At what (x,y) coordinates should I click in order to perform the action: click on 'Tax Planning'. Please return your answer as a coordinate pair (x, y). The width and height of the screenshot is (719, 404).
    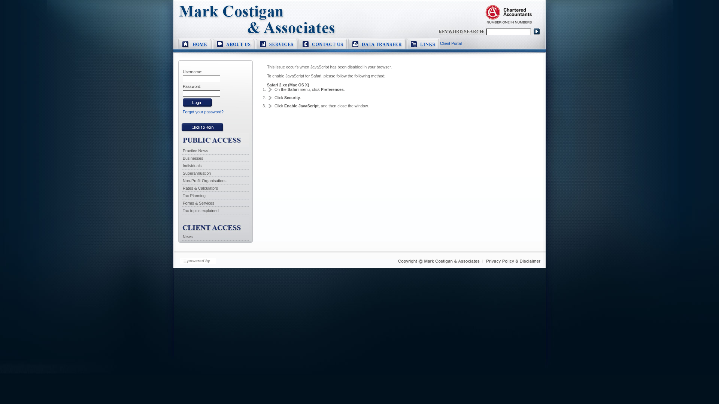
    Looking at the image, I should click on (183, 195).